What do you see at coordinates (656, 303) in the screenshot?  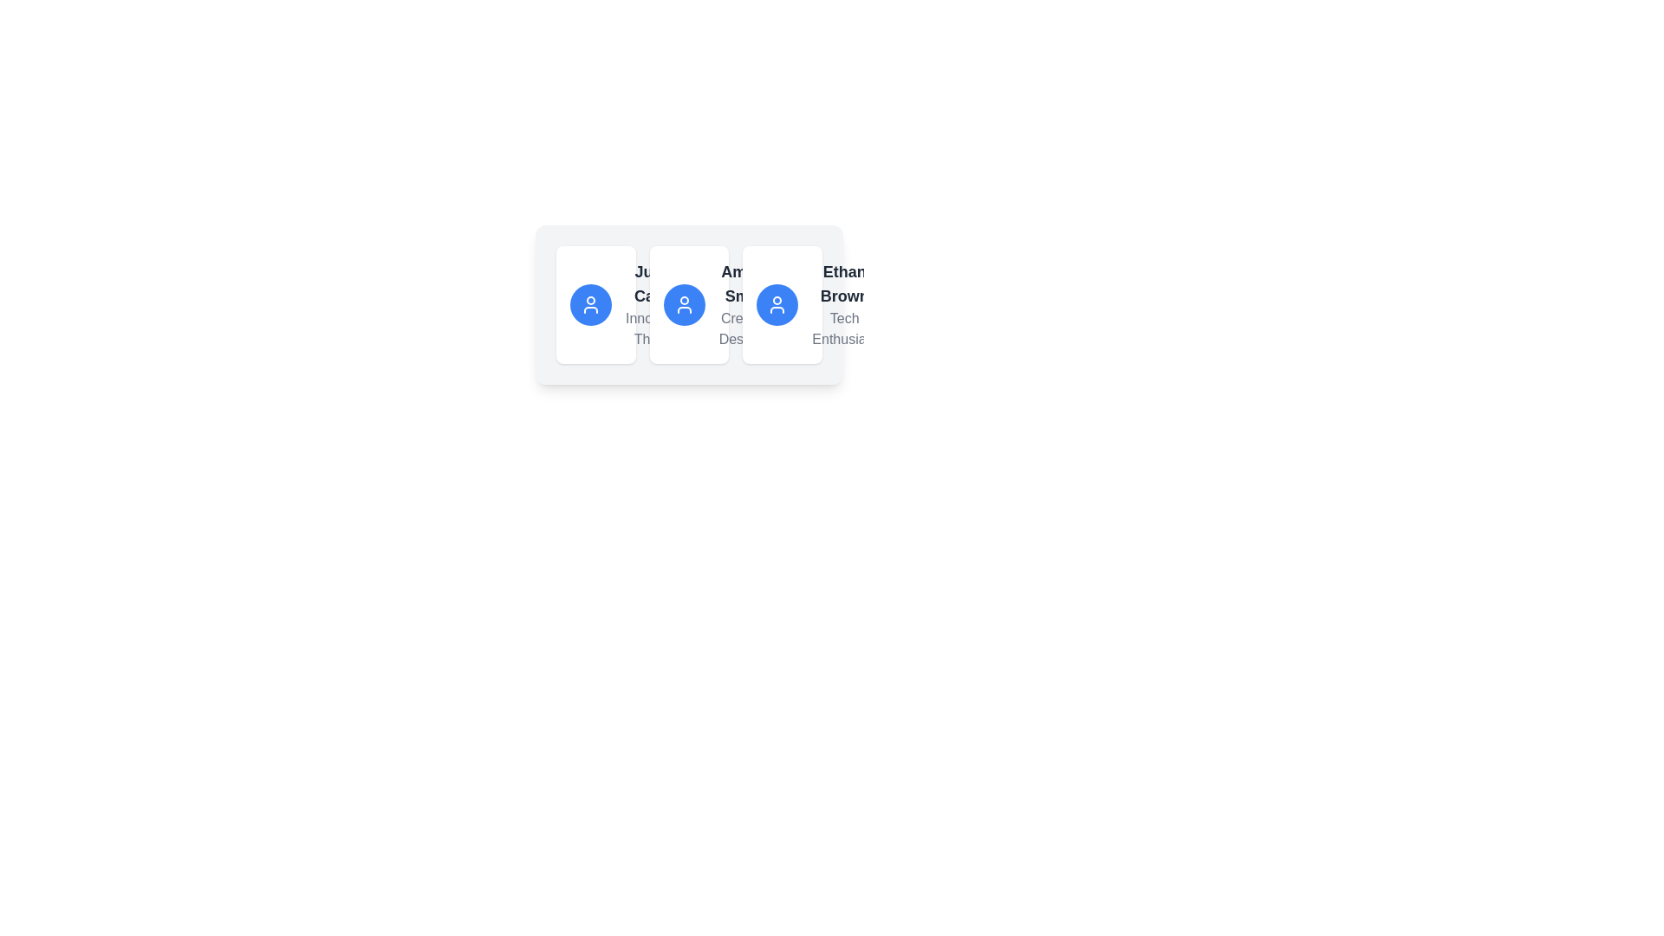 I see `the text display element that shows the user's name and tagline, positioned to the right of a user icon within a circular blue background, as the second item from the left` at bounding box center [656, 303].